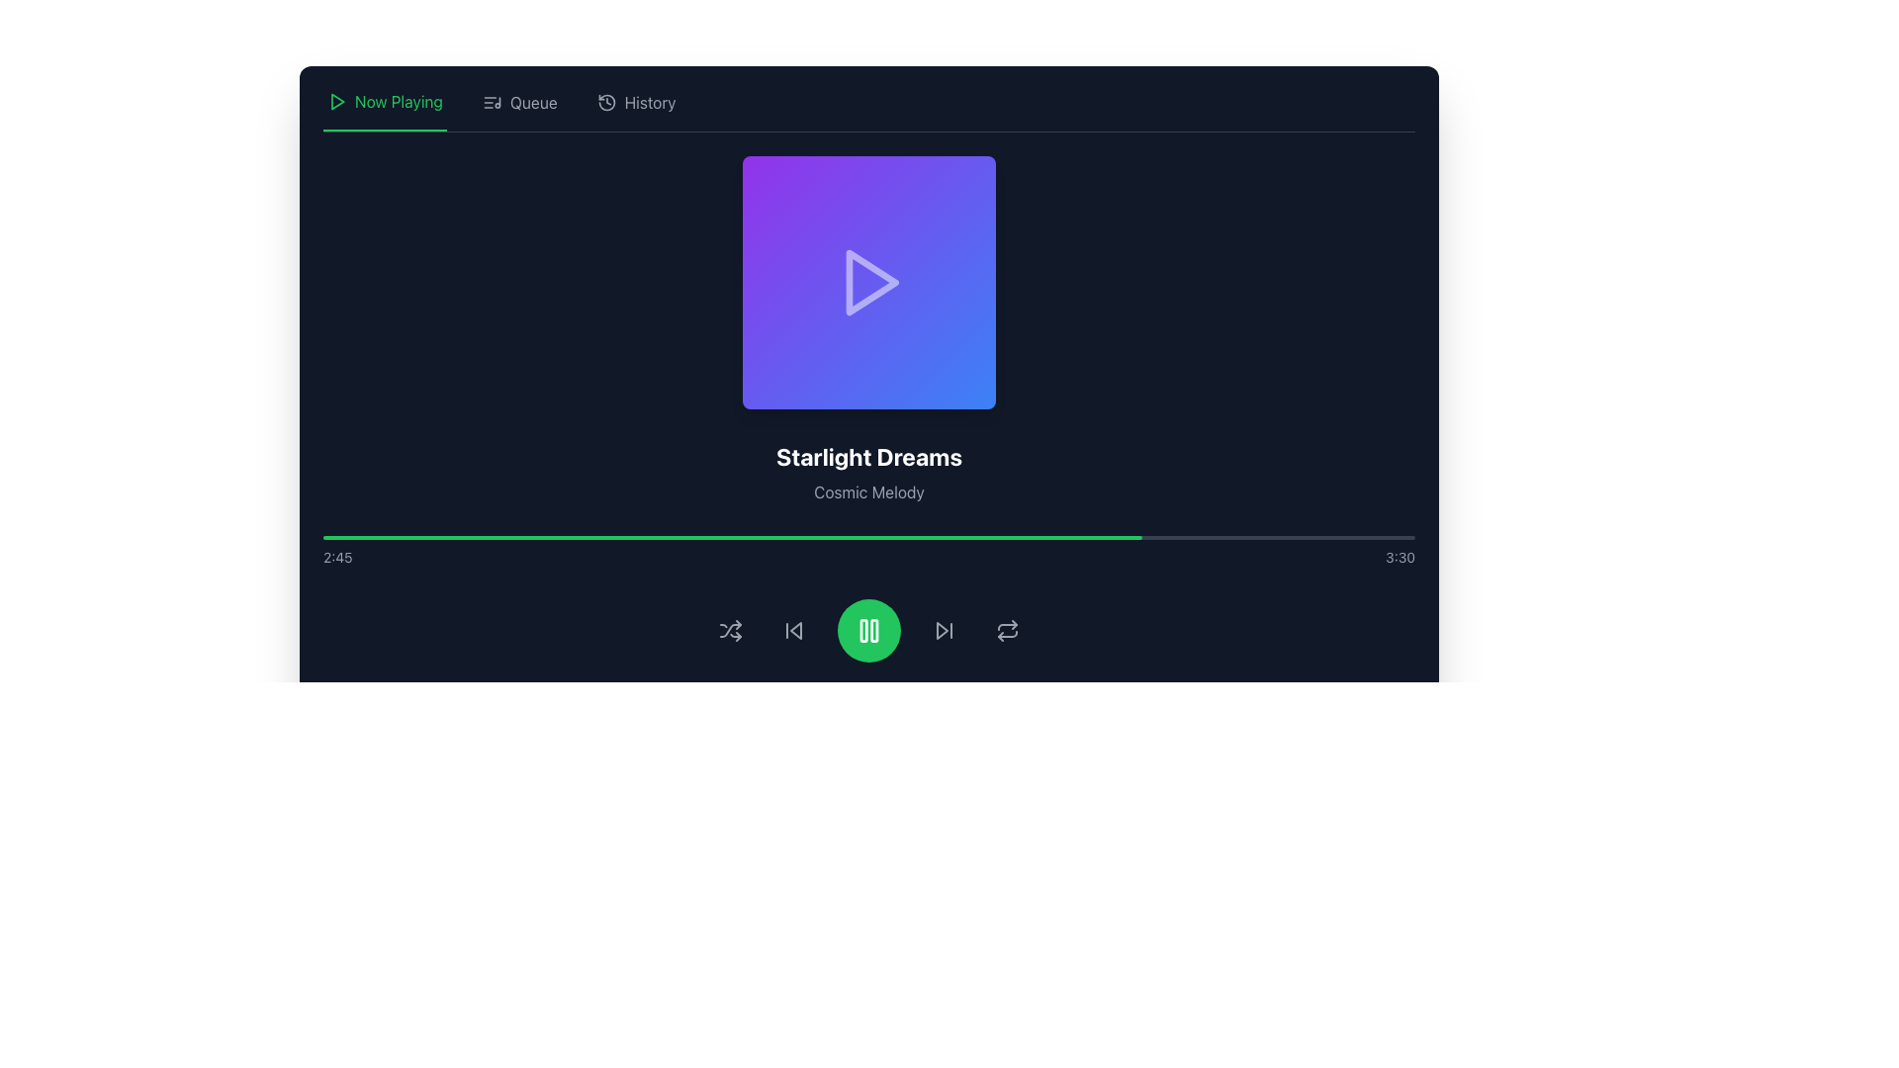  I want to click on the slider, so click(509, 703).